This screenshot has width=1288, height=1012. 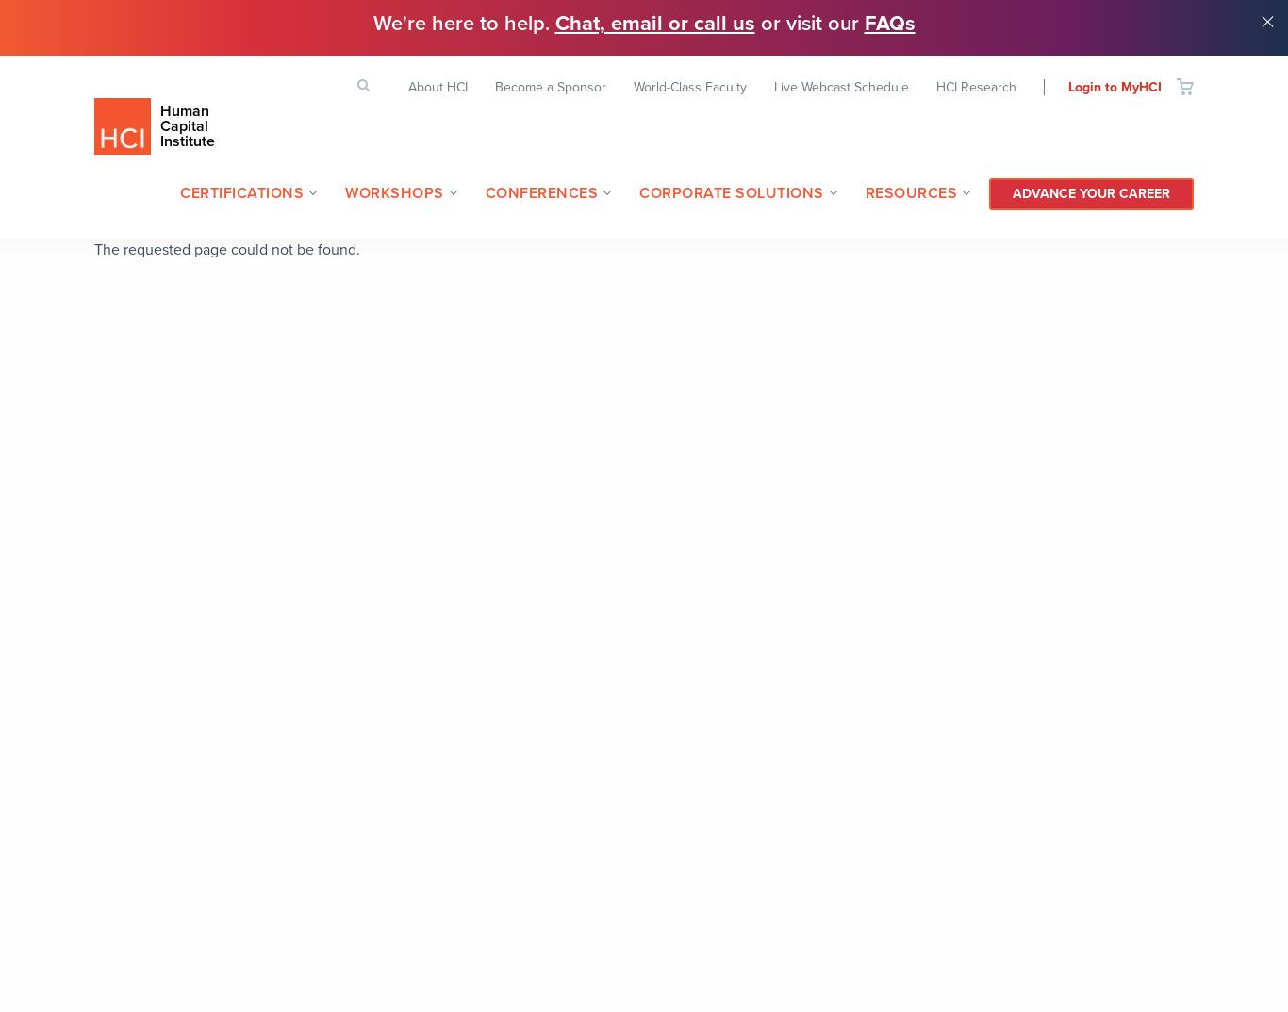 I want to click on 'Advance Your Career', so click(x=1091, y=192).